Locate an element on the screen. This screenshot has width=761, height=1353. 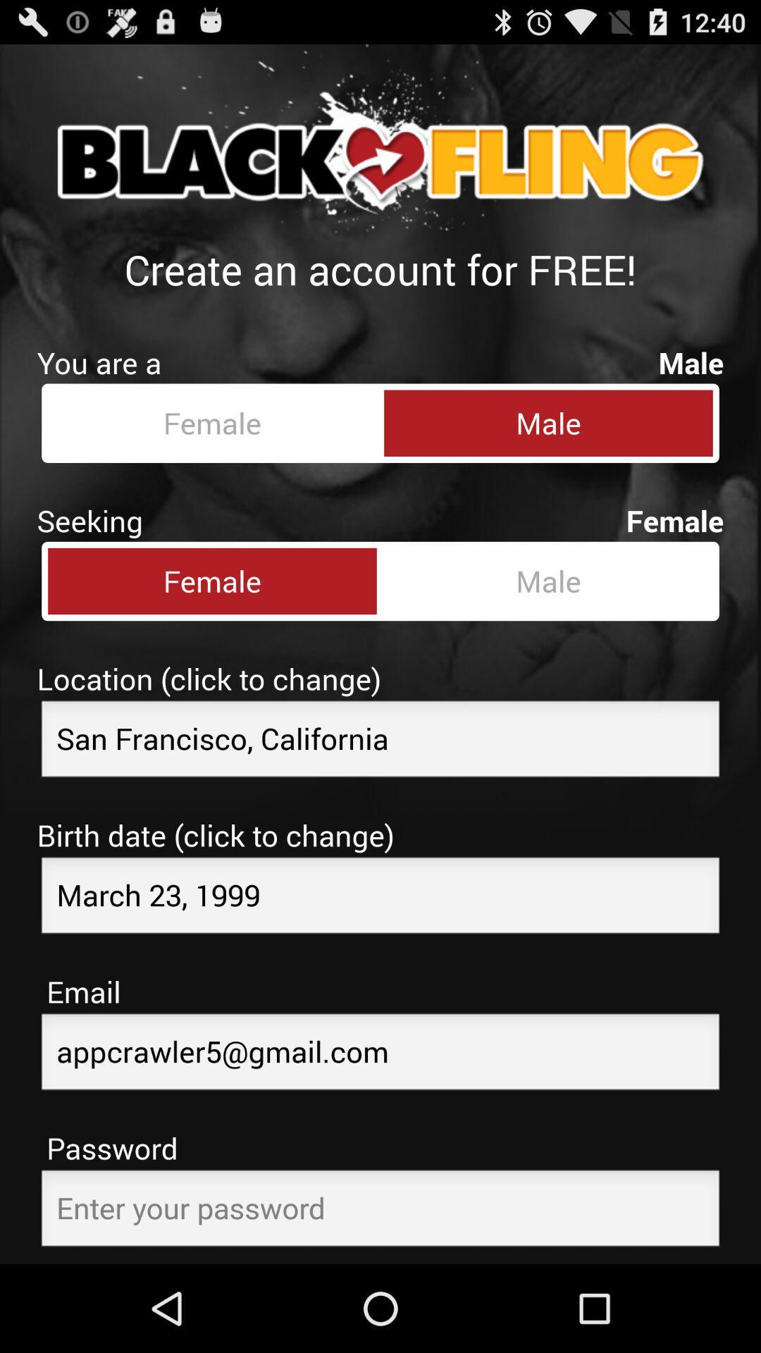
birthday is located at coordinates (380, 898).